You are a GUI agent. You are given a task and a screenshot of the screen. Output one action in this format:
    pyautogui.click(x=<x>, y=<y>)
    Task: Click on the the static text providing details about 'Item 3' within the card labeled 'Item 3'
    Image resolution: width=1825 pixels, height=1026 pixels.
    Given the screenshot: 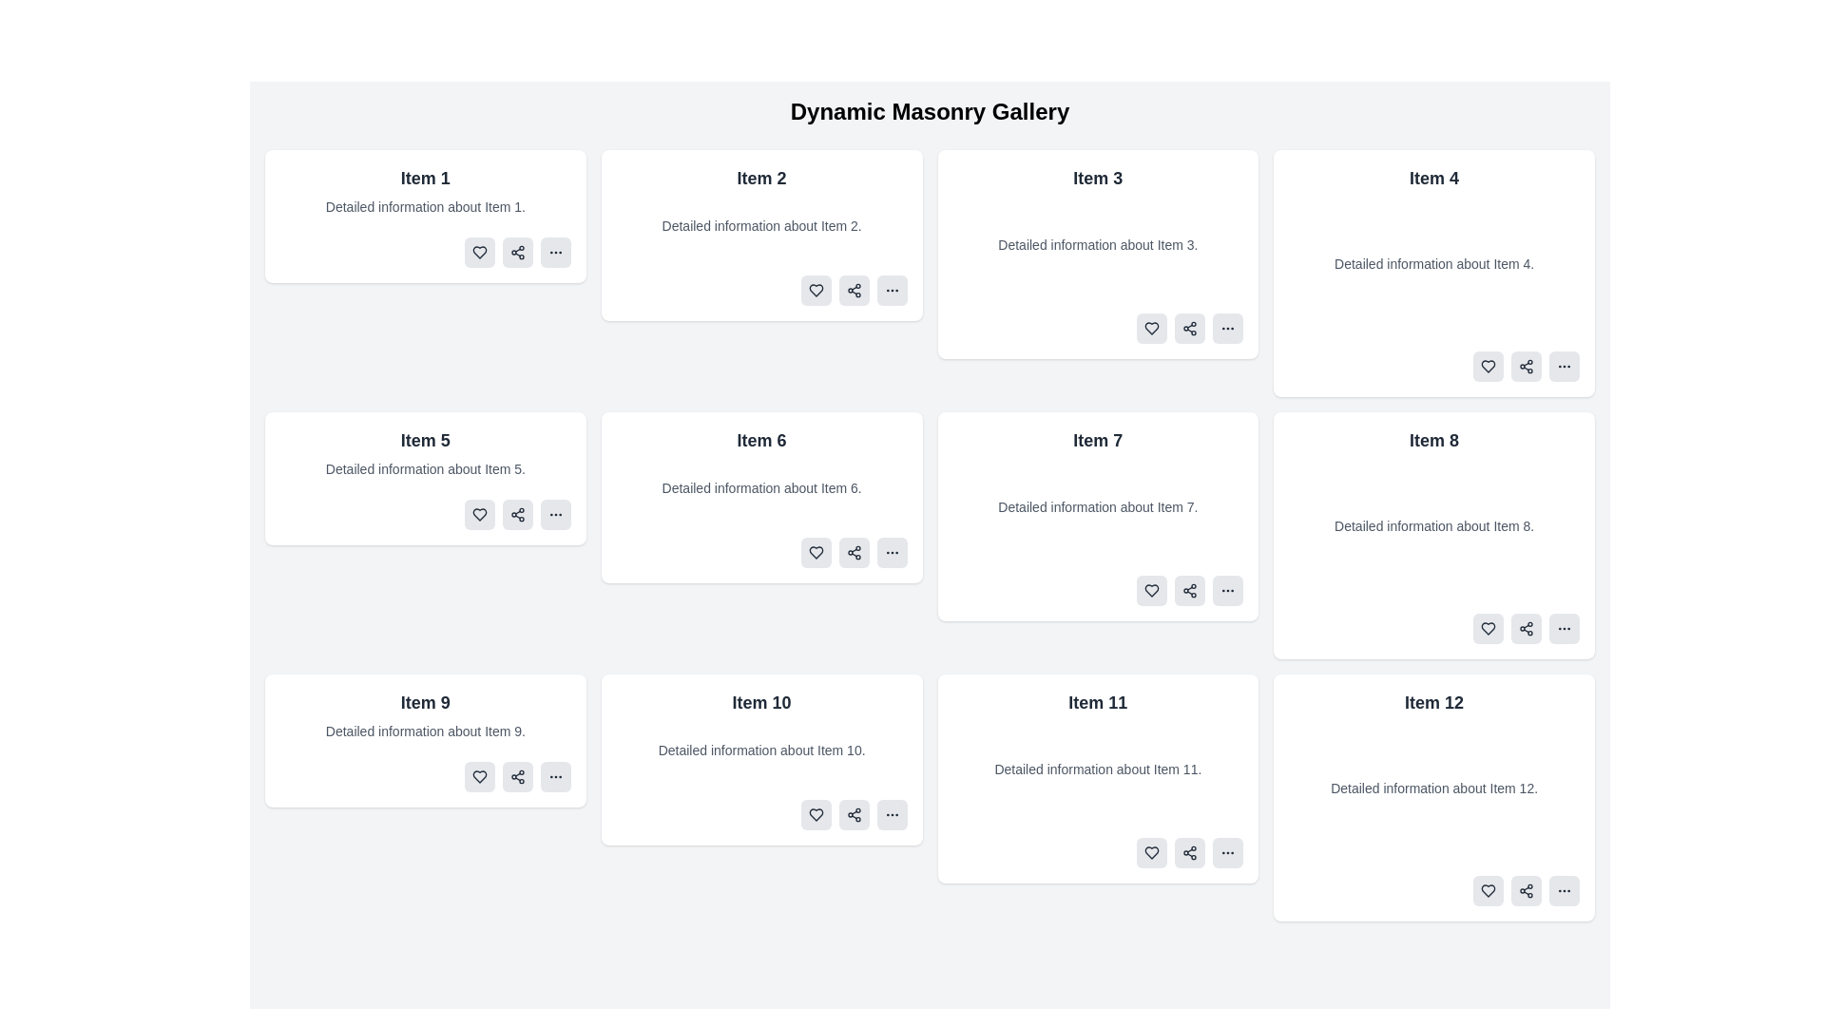 What is the action you would take?
    pyautogui.click(x=1098, y=244)
    